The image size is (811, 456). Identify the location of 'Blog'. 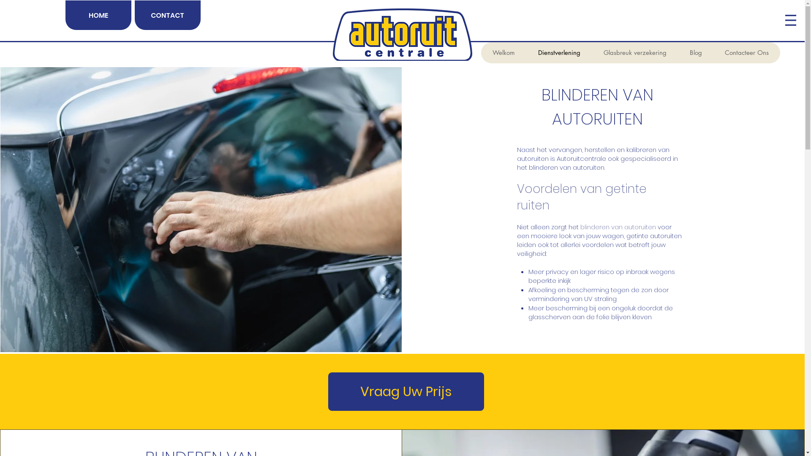
(695, 52).